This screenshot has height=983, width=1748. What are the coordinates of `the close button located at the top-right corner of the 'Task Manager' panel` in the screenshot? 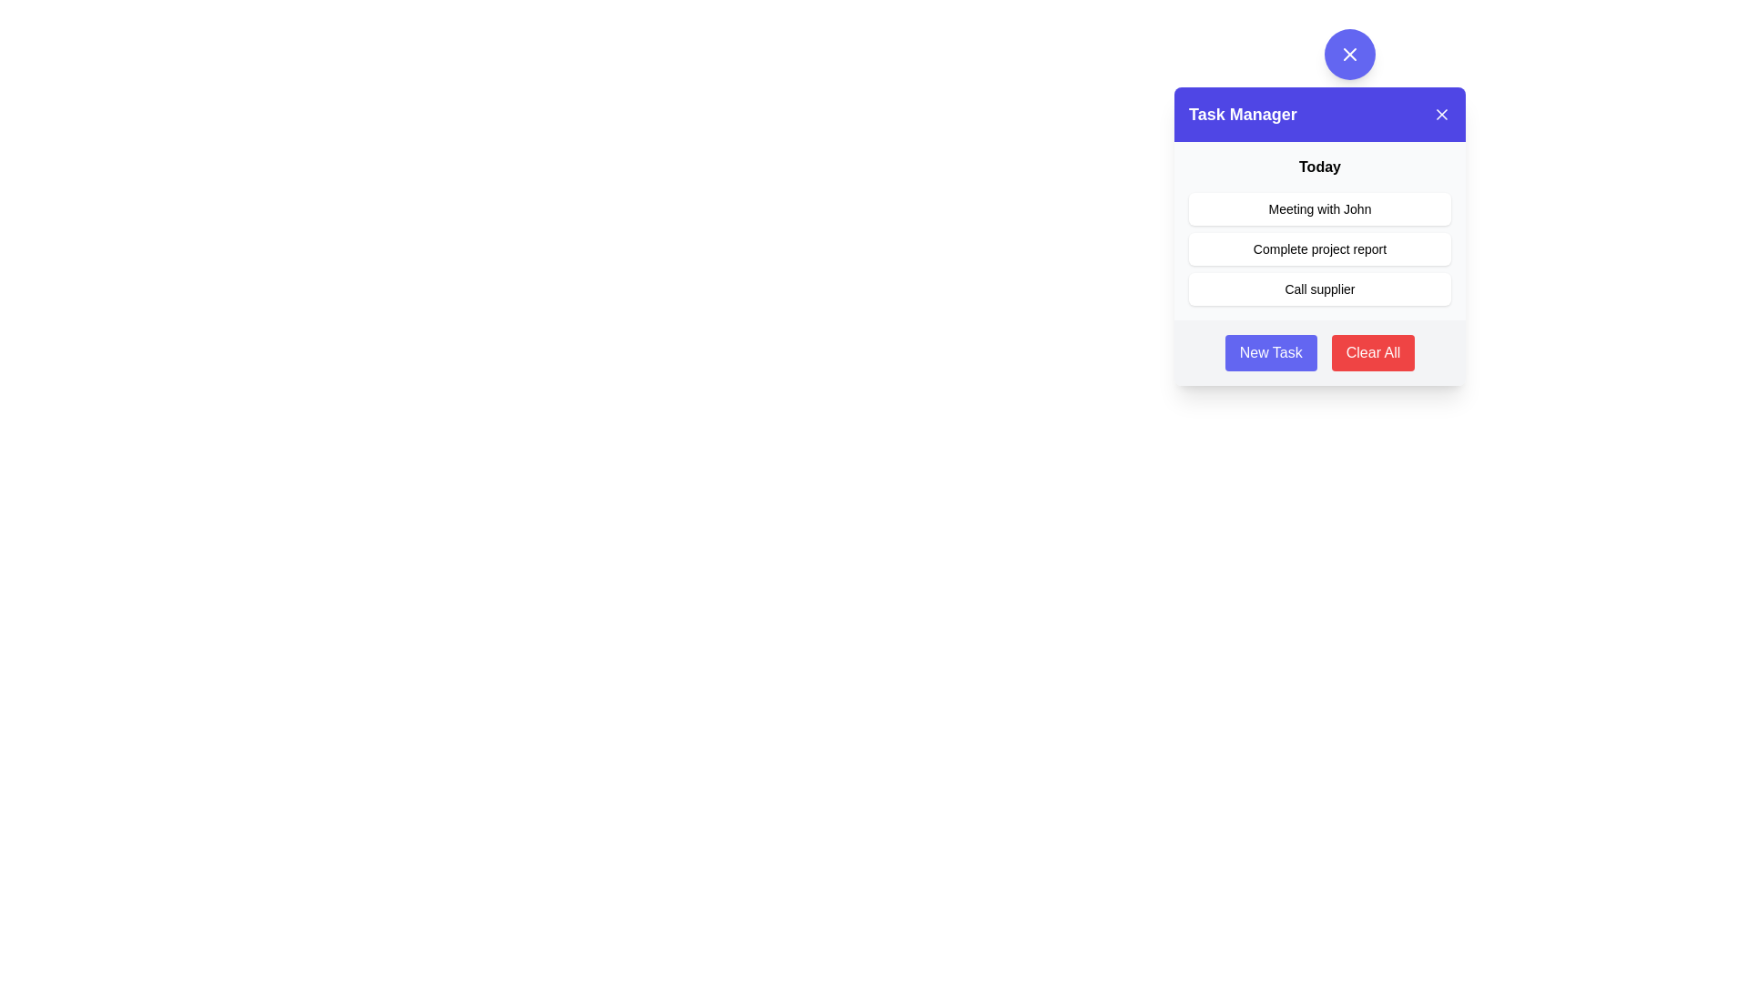 It's located at (1349, 54).